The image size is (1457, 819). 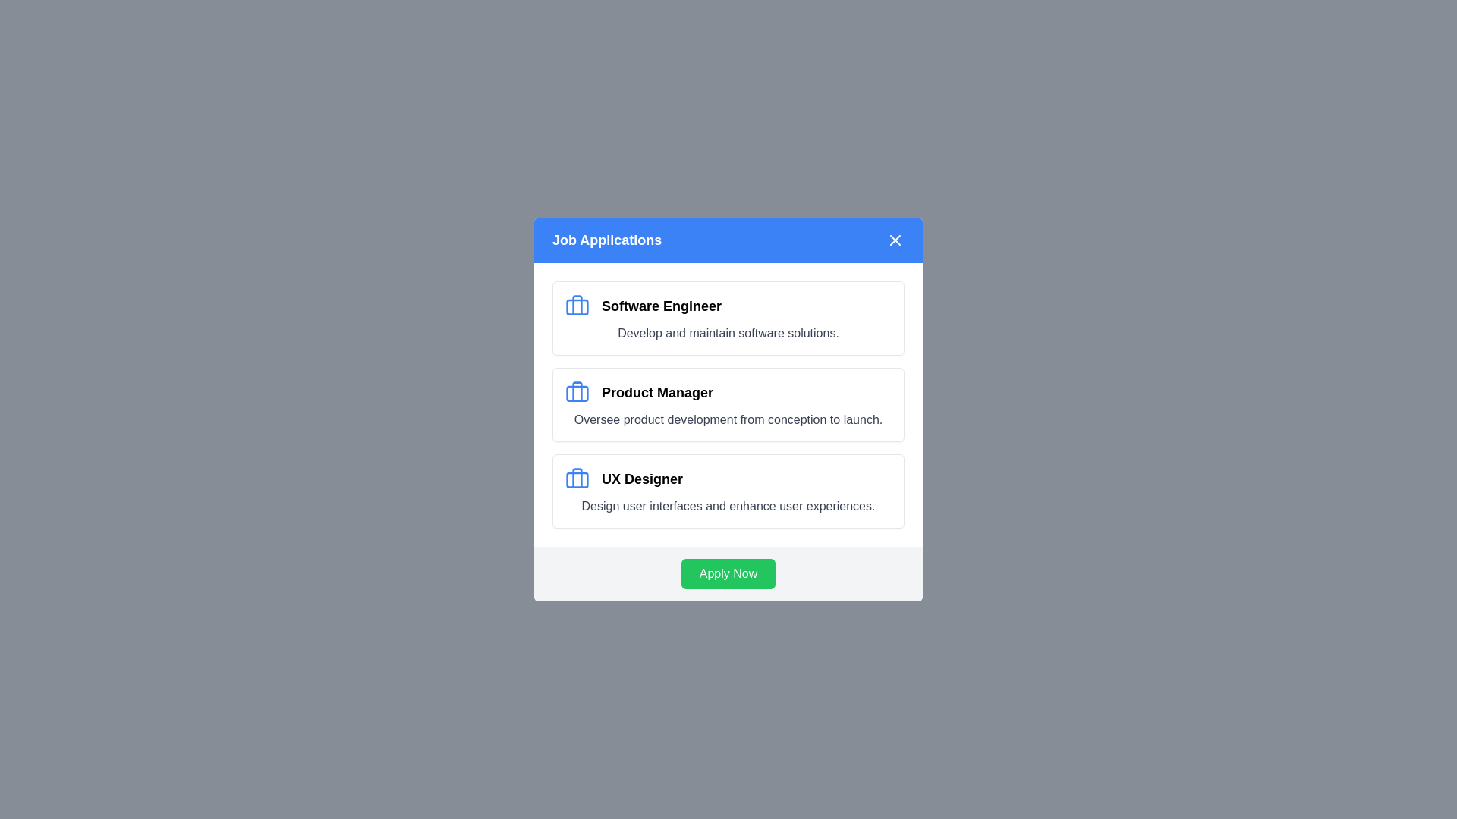 What do you see at coordinates (728, 318) in the screenshot?
I see `the job posting card for the Software Engineer position located in the Job Applications section by` at bounding box center [728, 318].